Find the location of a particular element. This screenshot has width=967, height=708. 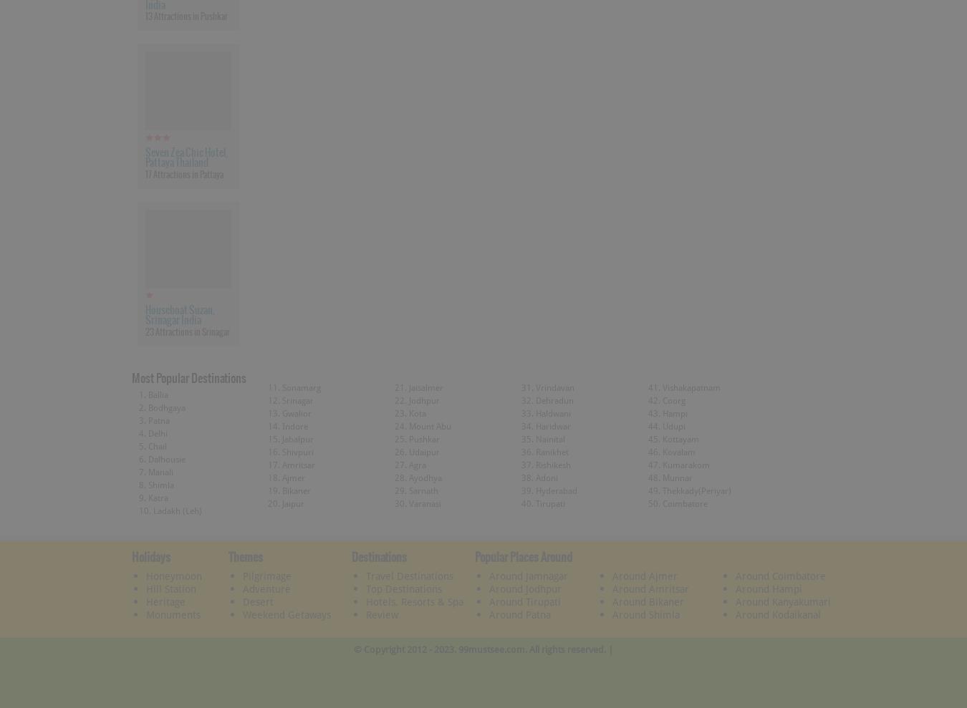

'Themes' is located at coordinates (244, 555).